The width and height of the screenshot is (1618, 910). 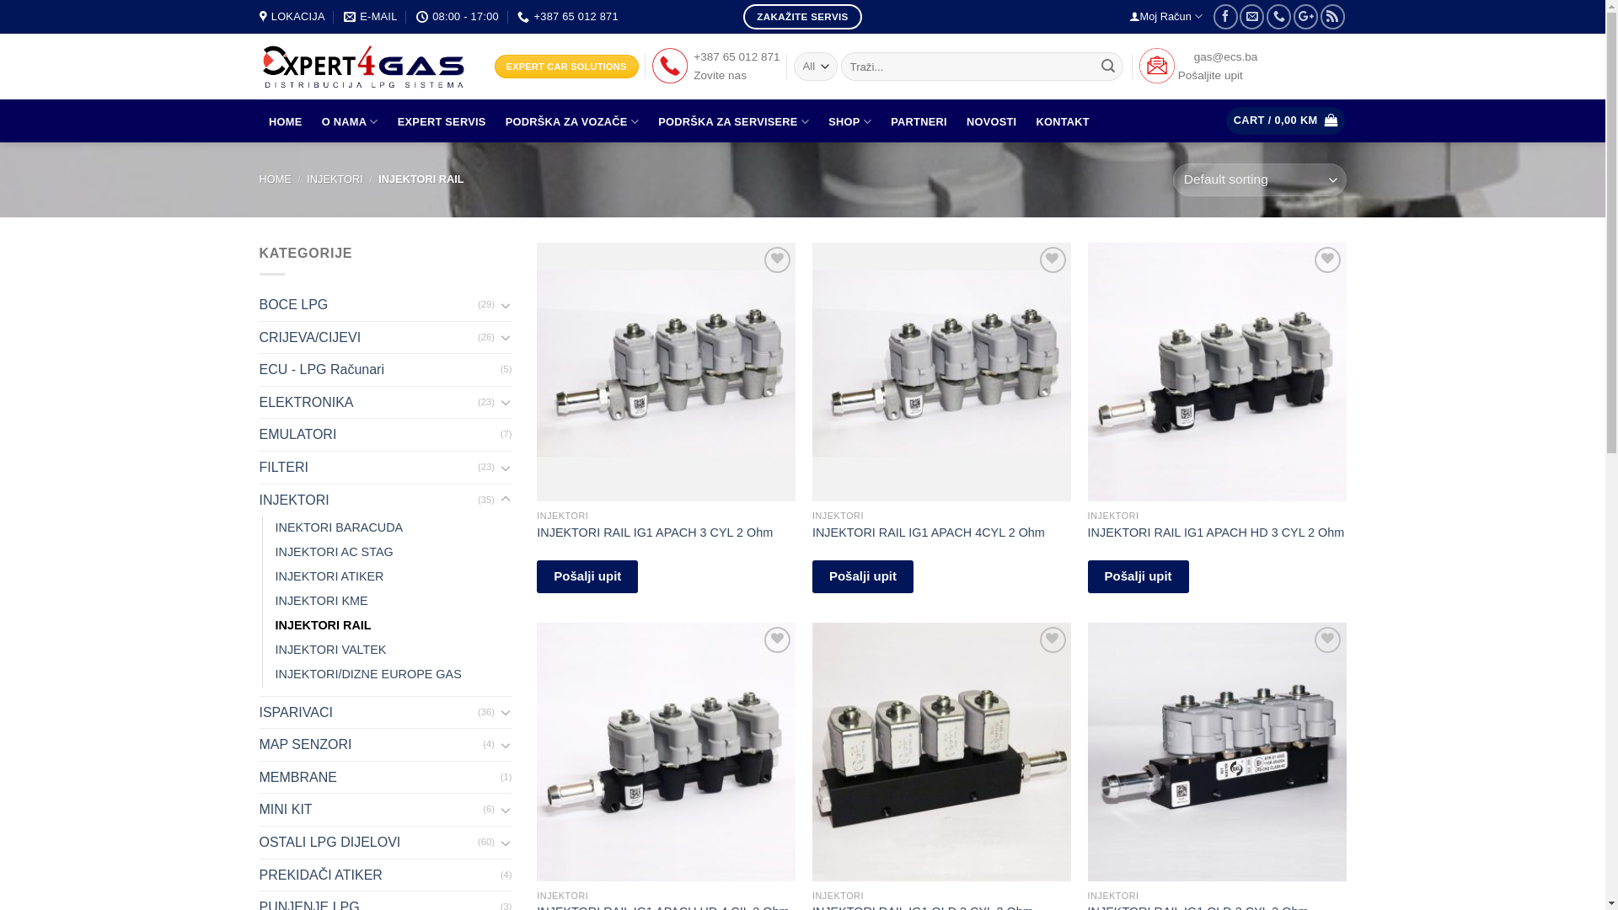 What do you see at coordinates (367, 338) in the screenshot?
I see `'CRIJEVA/CIJEVI'` at bounding box center [367, 338].